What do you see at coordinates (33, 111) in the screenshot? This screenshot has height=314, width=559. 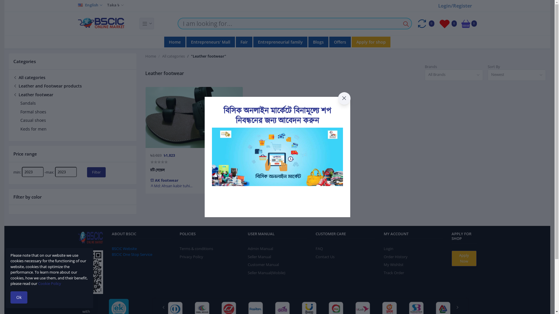 I see `'Formal shoes'` at bounding box center [33, 111].